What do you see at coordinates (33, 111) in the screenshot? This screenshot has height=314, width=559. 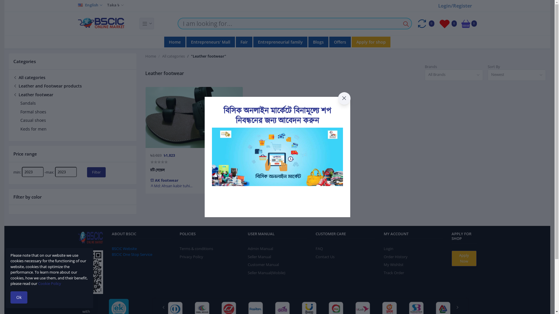 I see `'Formal shoes'` at bounding box center [33, 111].